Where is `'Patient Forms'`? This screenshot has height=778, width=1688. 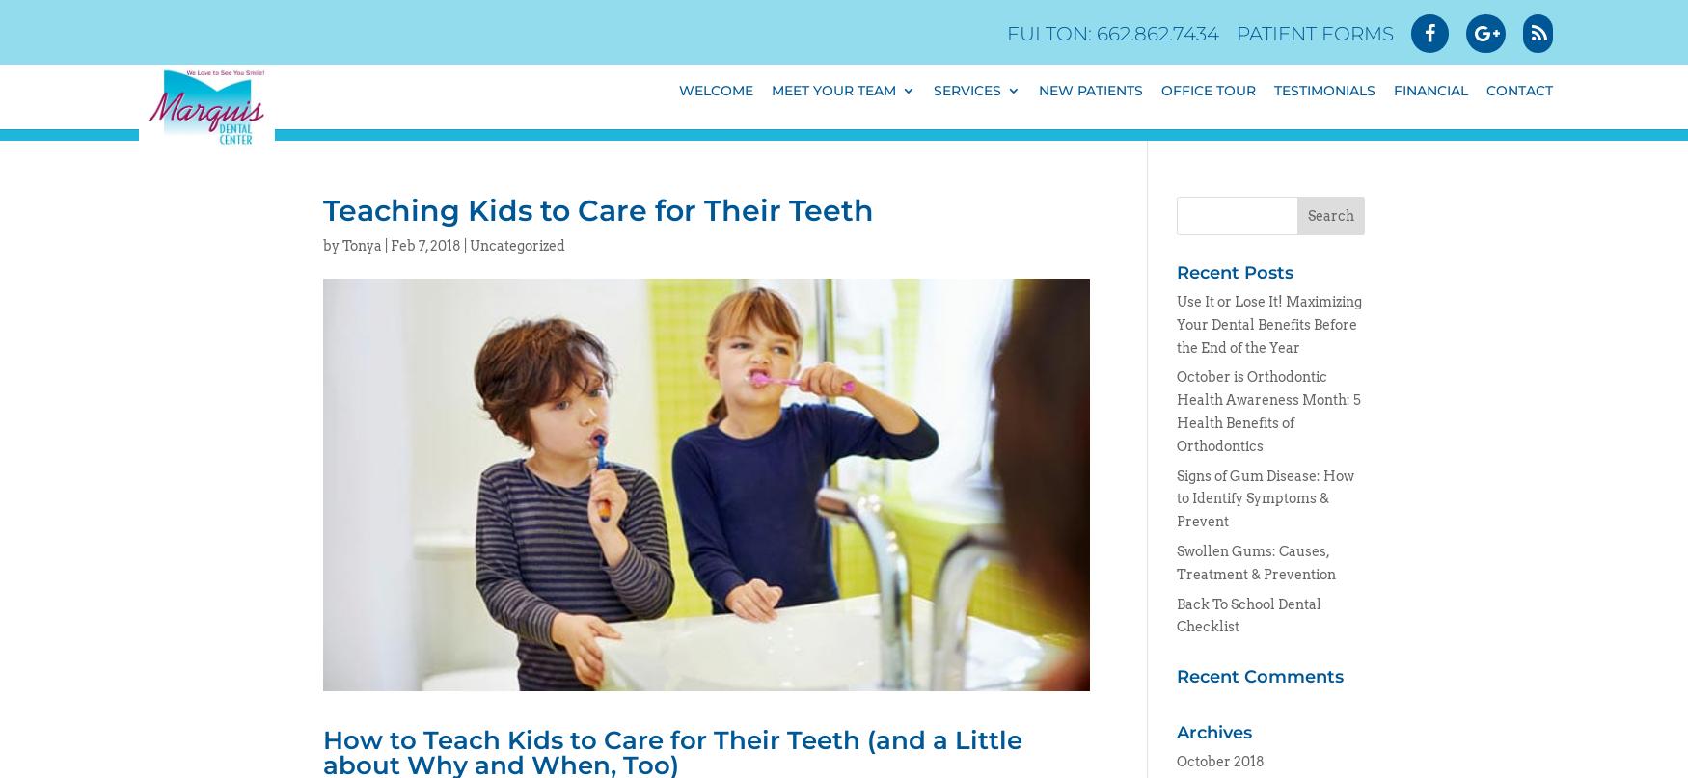 'Patient Forms' is located at coordinates (1236, 34).